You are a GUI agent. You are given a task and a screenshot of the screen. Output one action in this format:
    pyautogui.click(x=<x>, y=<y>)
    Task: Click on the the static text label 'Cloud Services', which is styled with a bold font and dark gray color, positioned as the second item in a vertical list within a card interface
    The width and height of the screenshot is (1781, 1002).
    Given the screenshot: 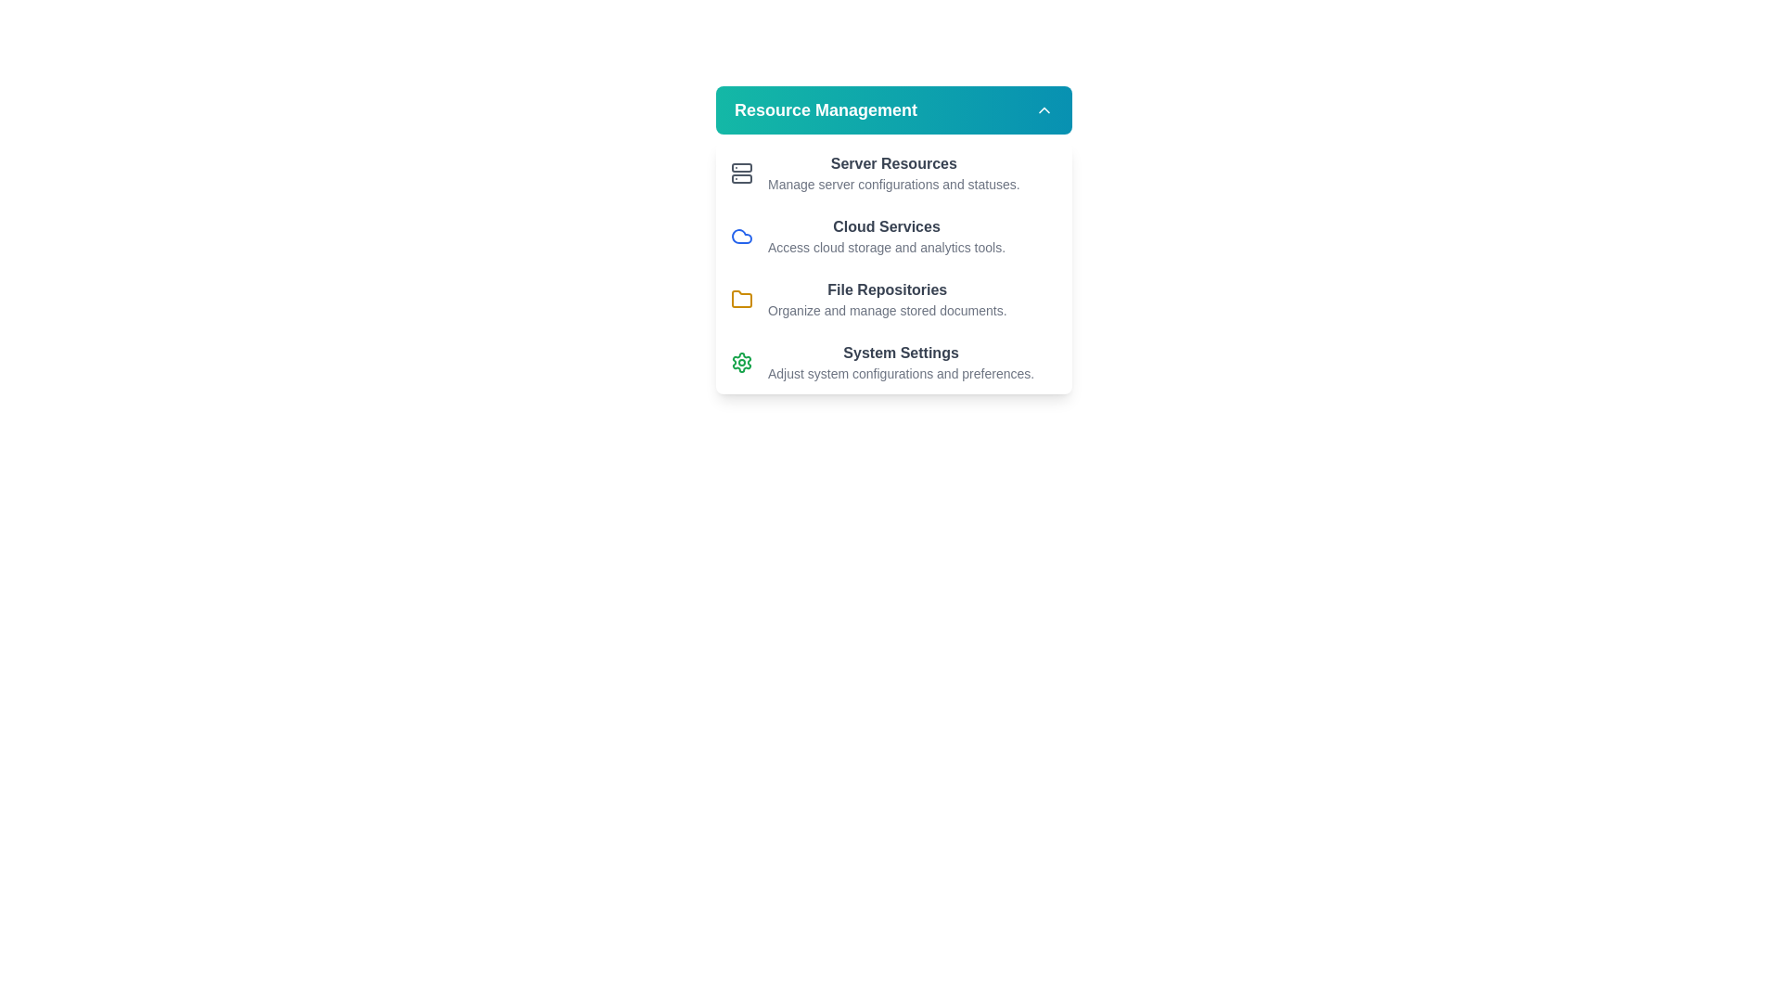 What is the action you would take?
    pyautogui.click(x=885, y=226)
    